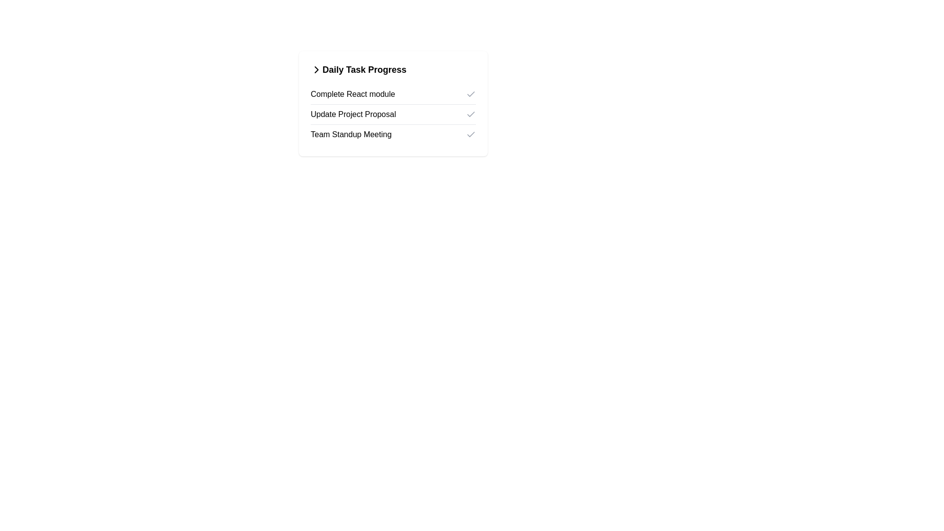 Image resolution: width=944 pixels, height=531 pixels. Describe the element at coordinates (471, 114) in the screenshot. I see `the check mark icon next to the 'Update Project Proposal' text label, which indicates an inactive or unselected state` at that location.